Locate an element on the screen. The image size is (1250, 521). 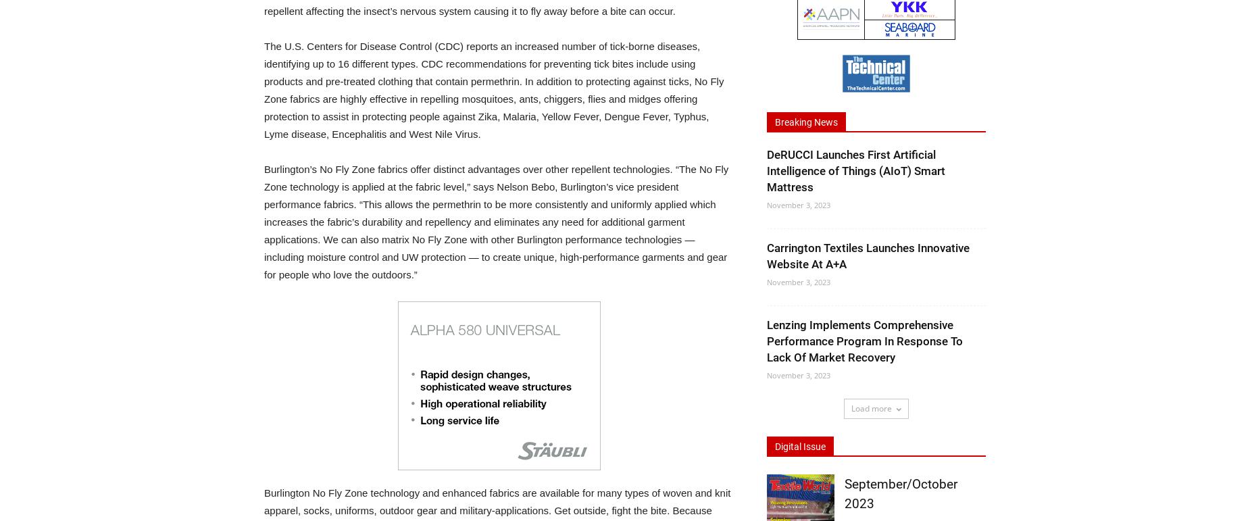
'Carrington Textiles Launches Innovative Website At A+A' is located at coordinates (868, 256).